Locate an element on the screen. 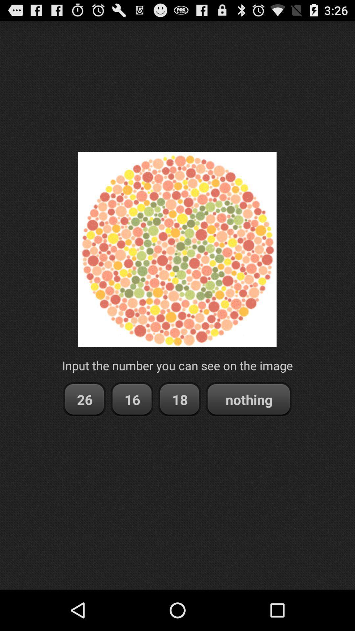 The width and height of the screenshot is (355, 631). the nothing button is located at coordinates (248, 399).